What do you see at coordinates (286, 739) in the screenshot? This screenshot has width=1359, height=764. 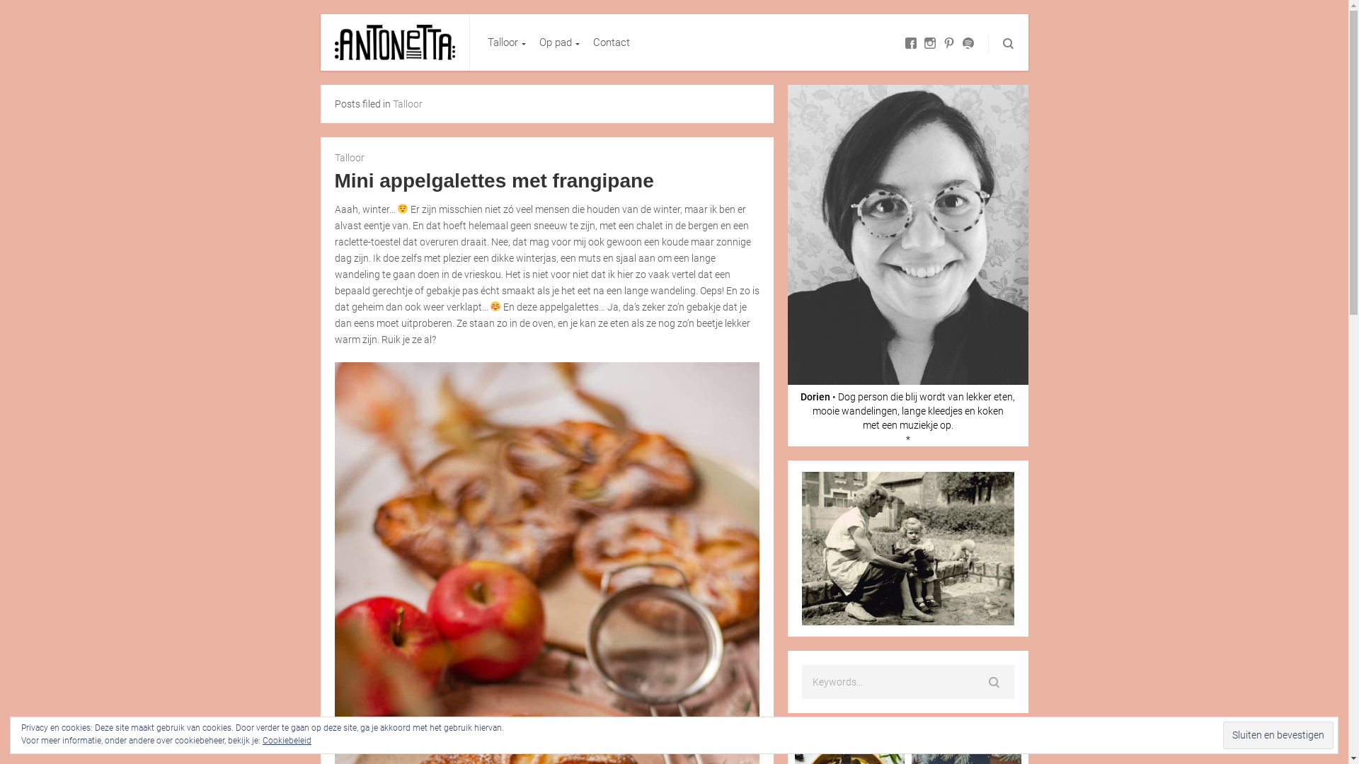 I see `'Cookiebeleid'` at bounding box center [286, 739].